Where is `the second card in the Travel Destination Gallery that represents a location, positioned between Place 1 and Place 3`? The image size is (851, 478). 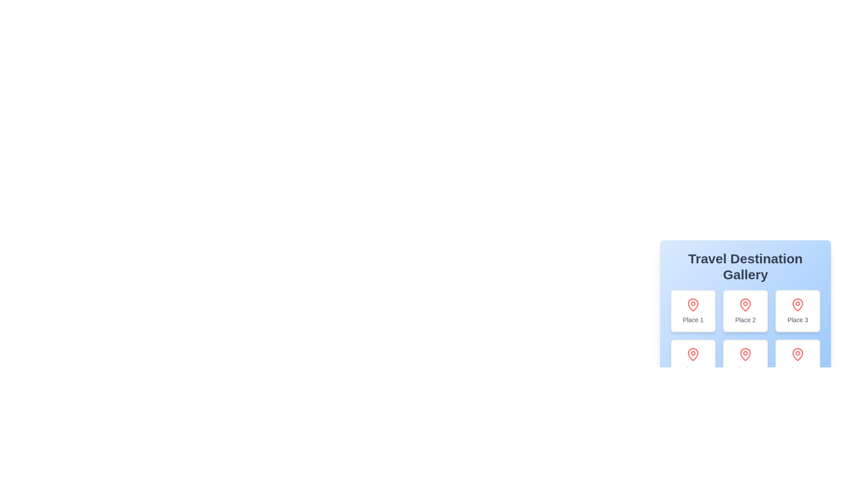
the second card in the Travel Destination Gallery that represents a location, positioned between Place 1 and Place 3 is located at coordinates (745, 310).